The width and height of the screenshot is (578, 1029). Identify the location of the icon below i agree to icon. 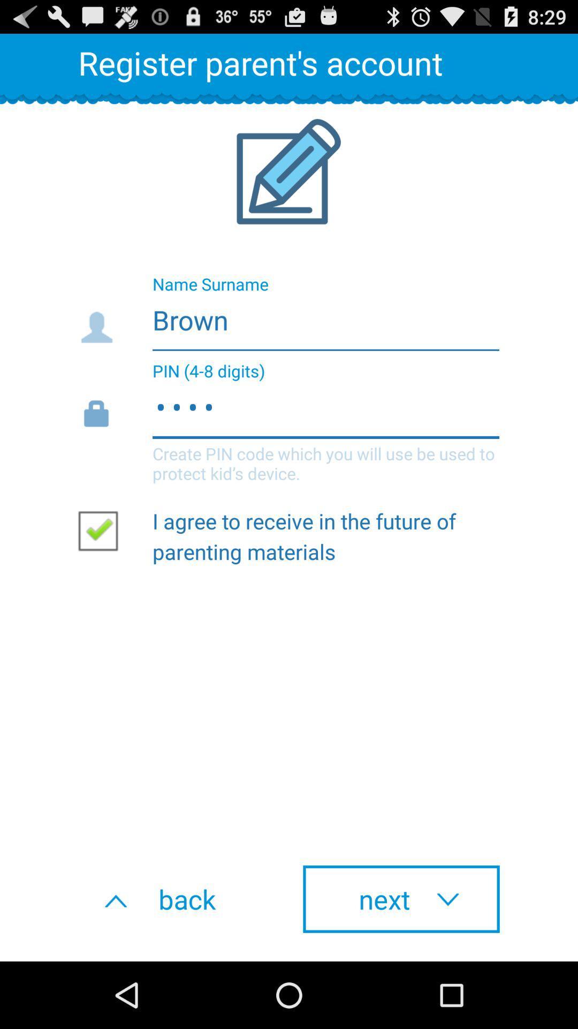
(176, 899).